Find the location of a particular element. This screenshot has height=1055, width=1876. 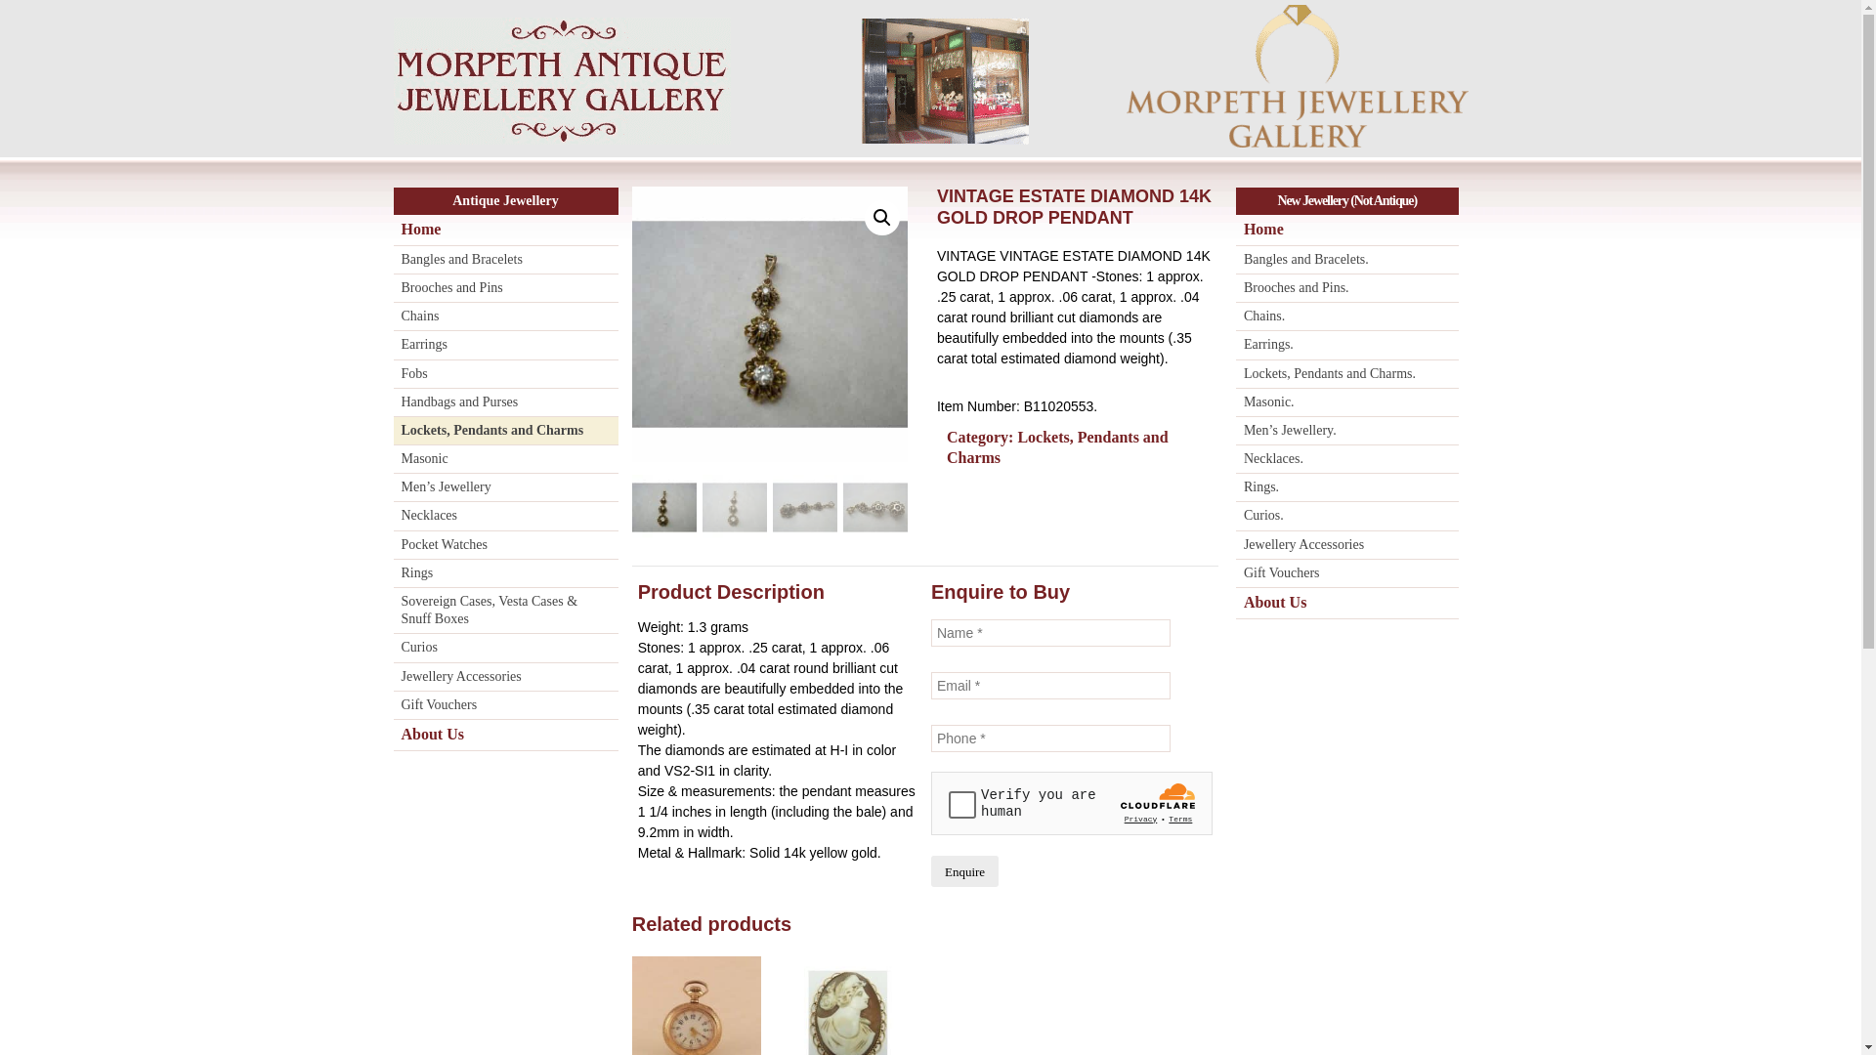

'Home' is located at coordinates (392, 229).